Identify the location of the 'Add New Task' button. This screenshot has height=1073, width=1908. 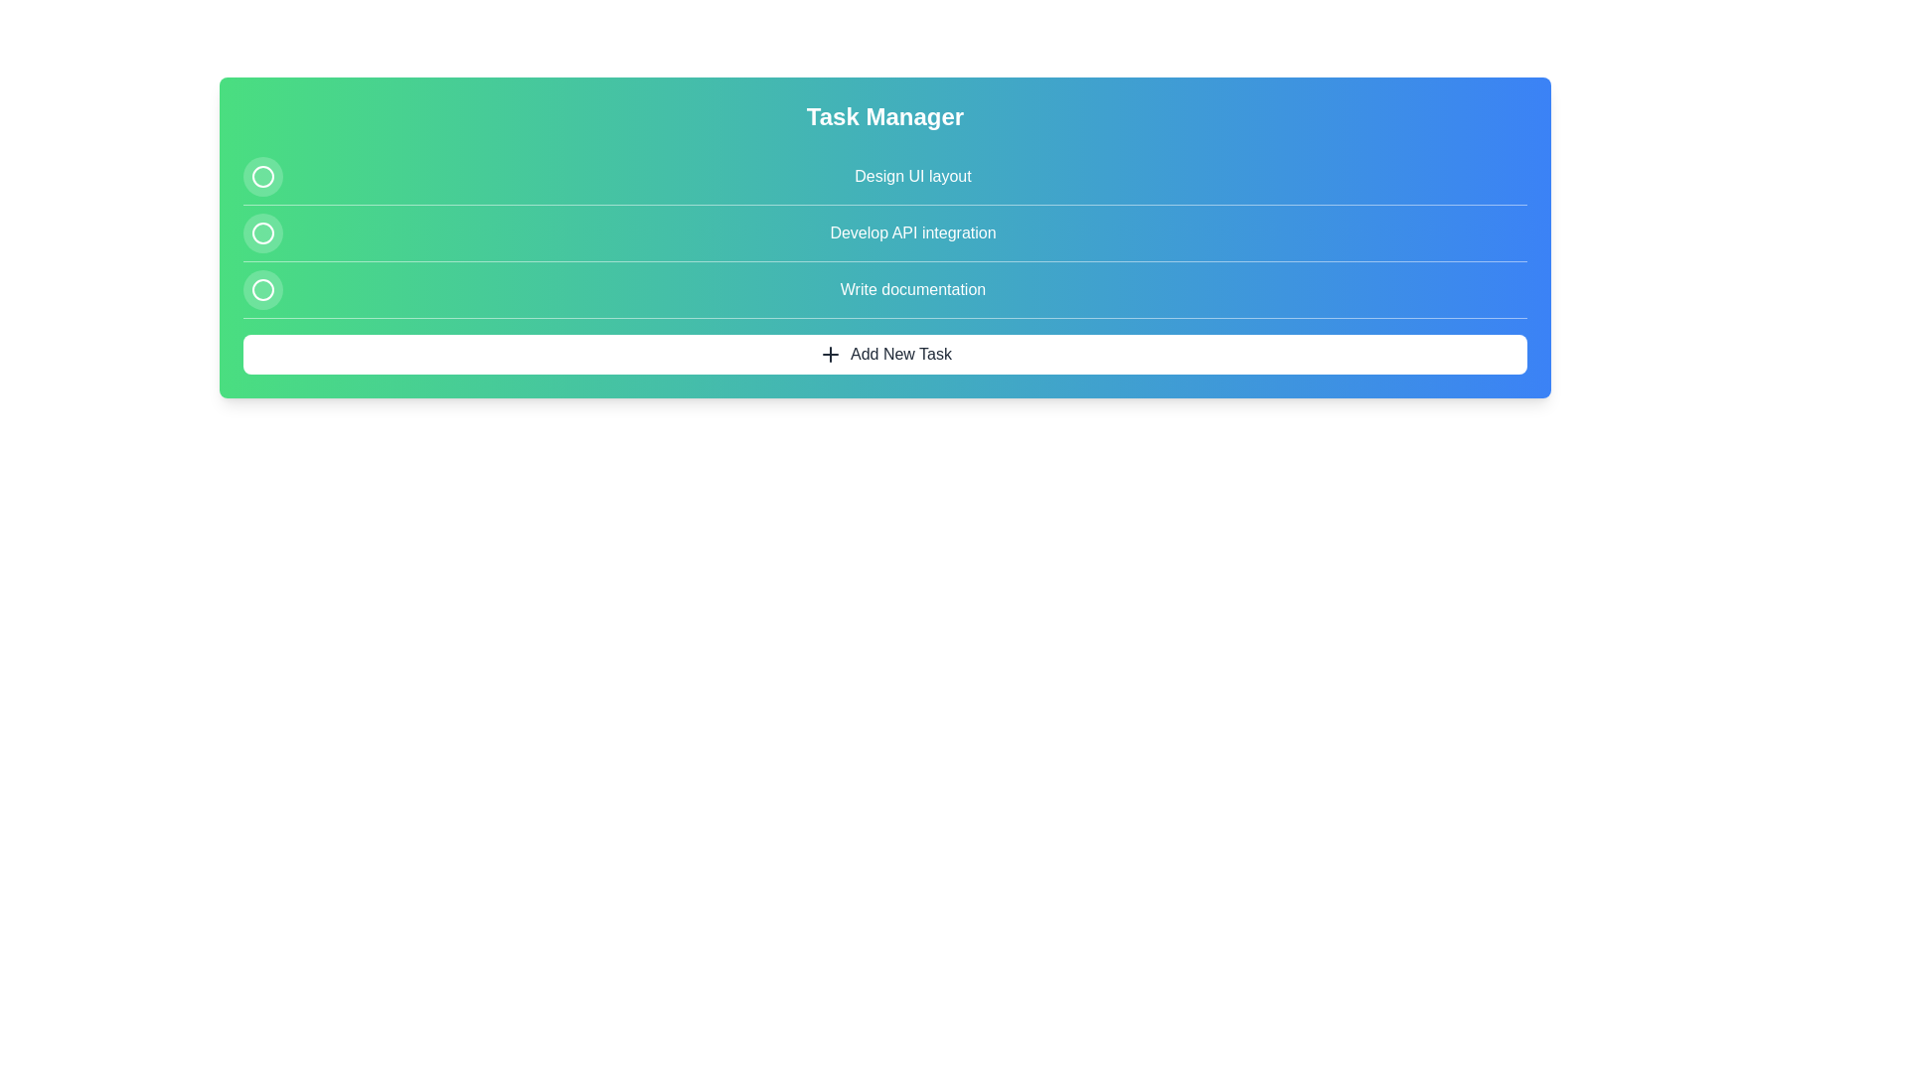
(884, 354).